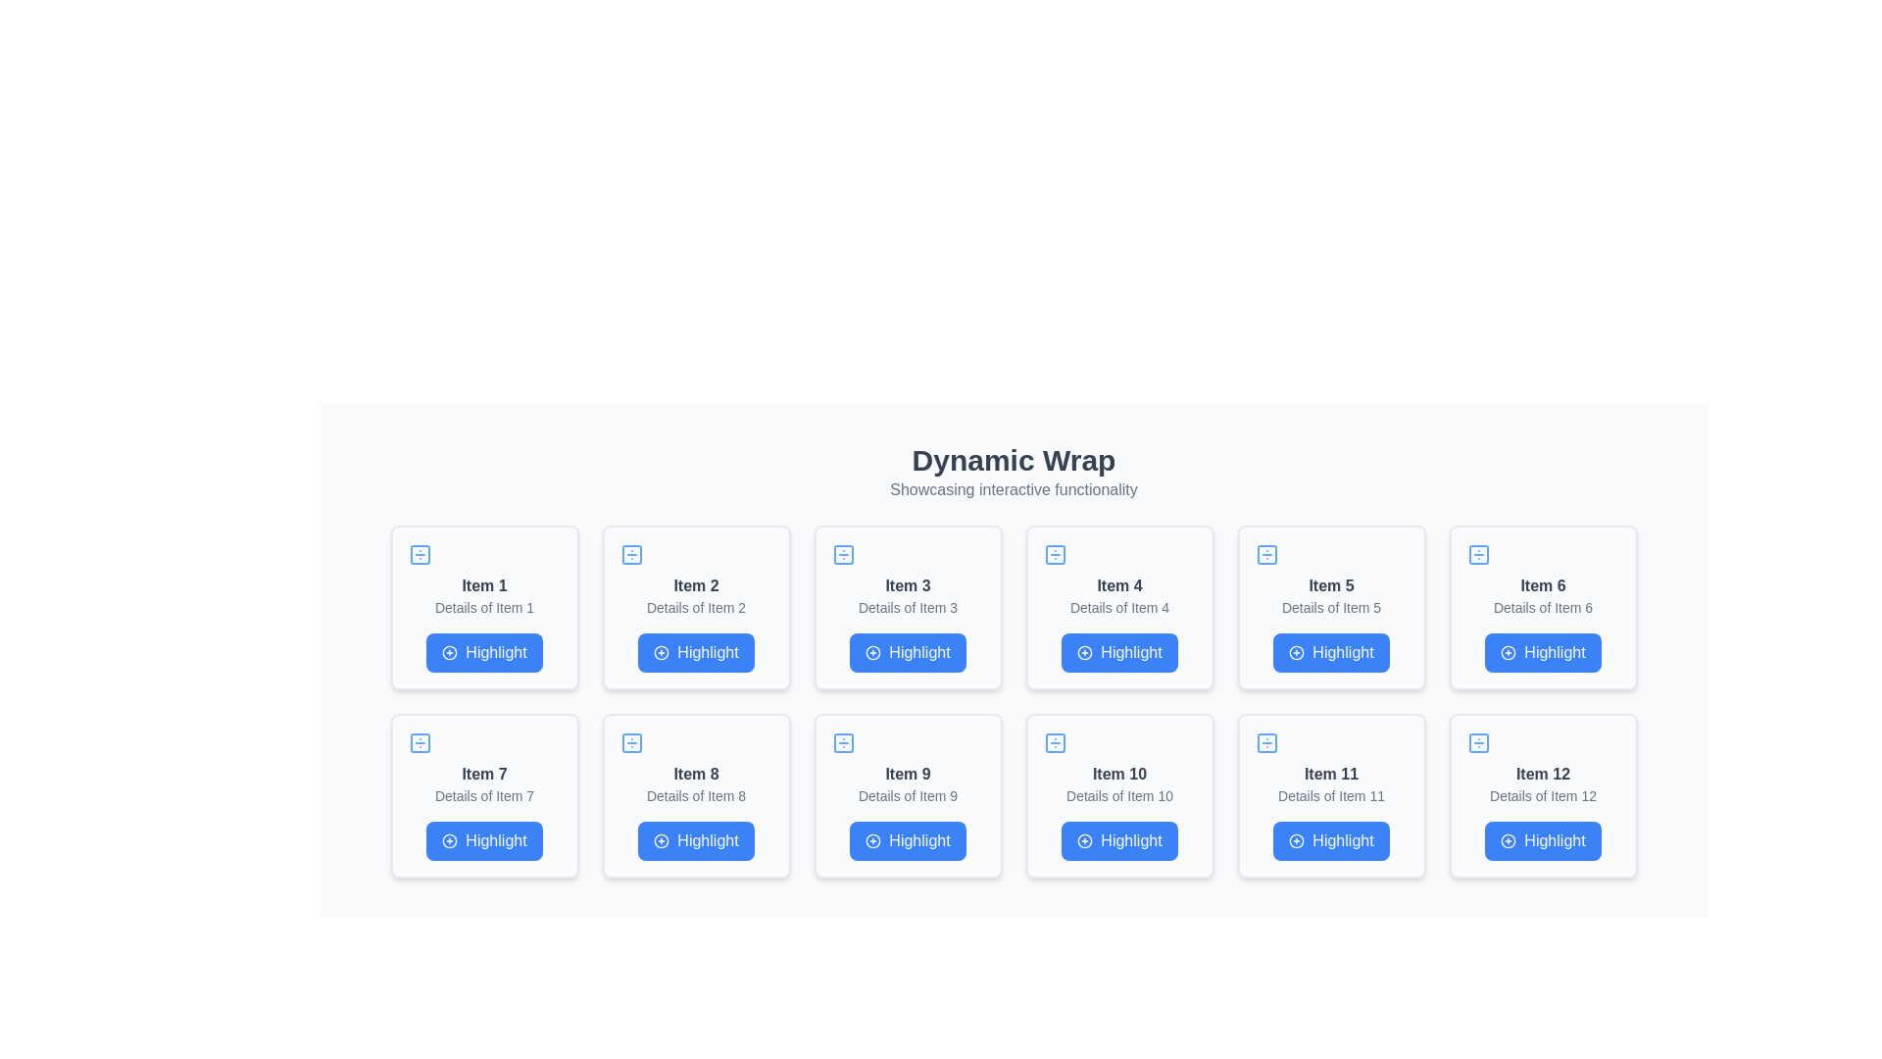  Describe the element at coordinates (1119, 584) in the screenshot. I see `text label that serves as the title for 'Item 4' located in the second row and fourth column of the grid layout, positioned at the top of the card` at that location.